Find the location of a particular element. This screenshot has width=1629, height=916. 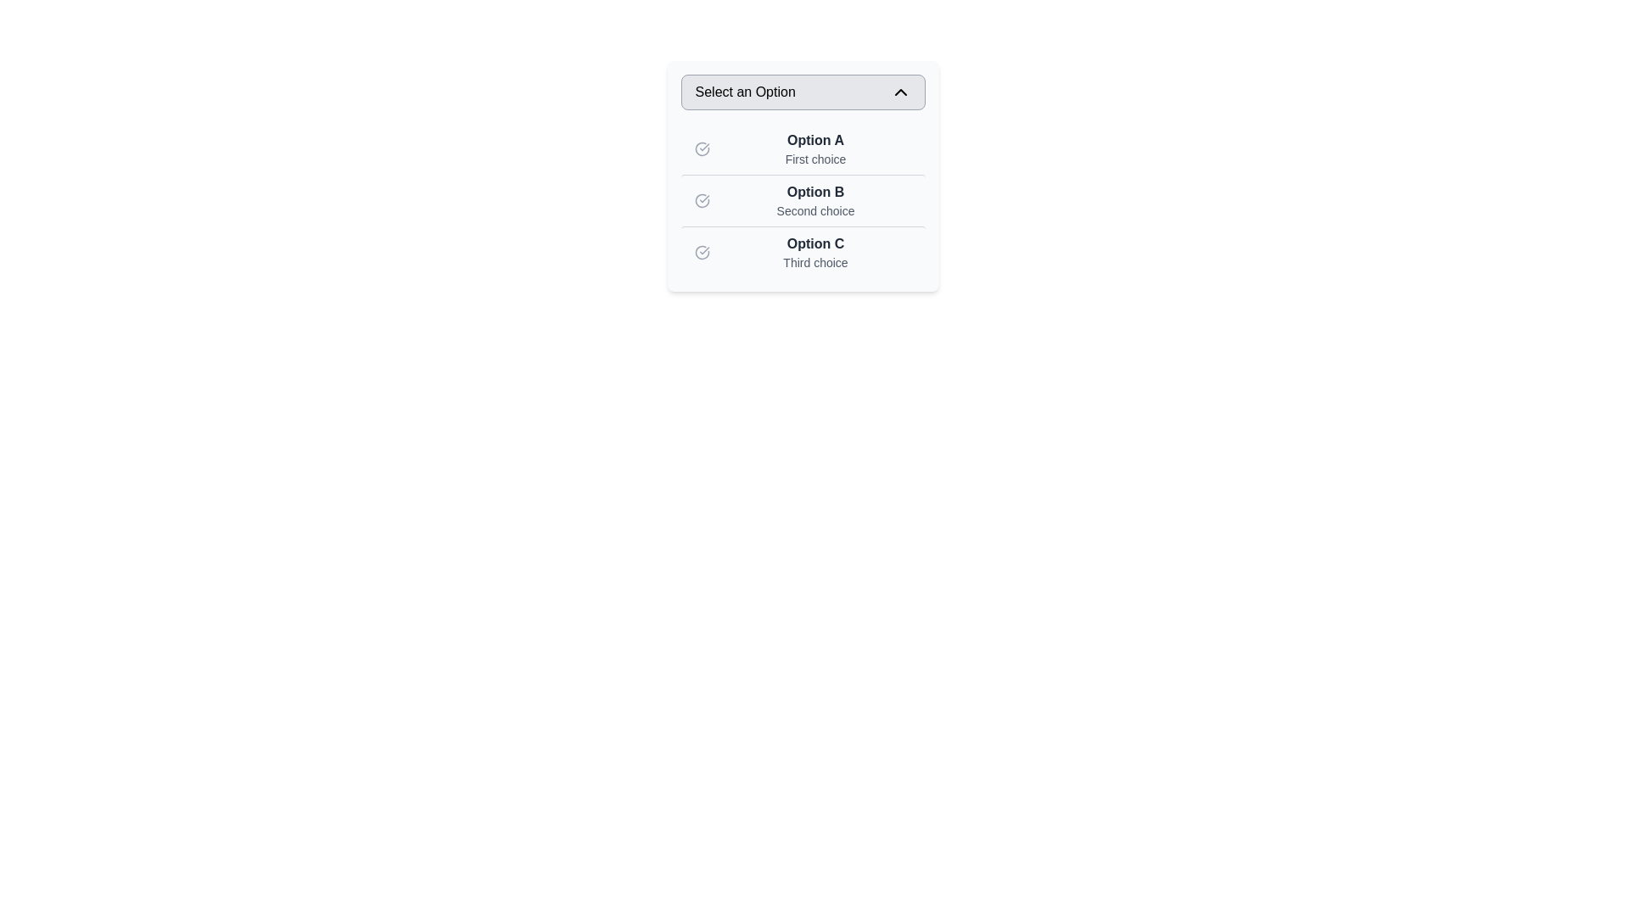

the selectable list option labeled 'Option B' in the dropdown menu below 'Select an Option' is located at coordinates (815, 199).